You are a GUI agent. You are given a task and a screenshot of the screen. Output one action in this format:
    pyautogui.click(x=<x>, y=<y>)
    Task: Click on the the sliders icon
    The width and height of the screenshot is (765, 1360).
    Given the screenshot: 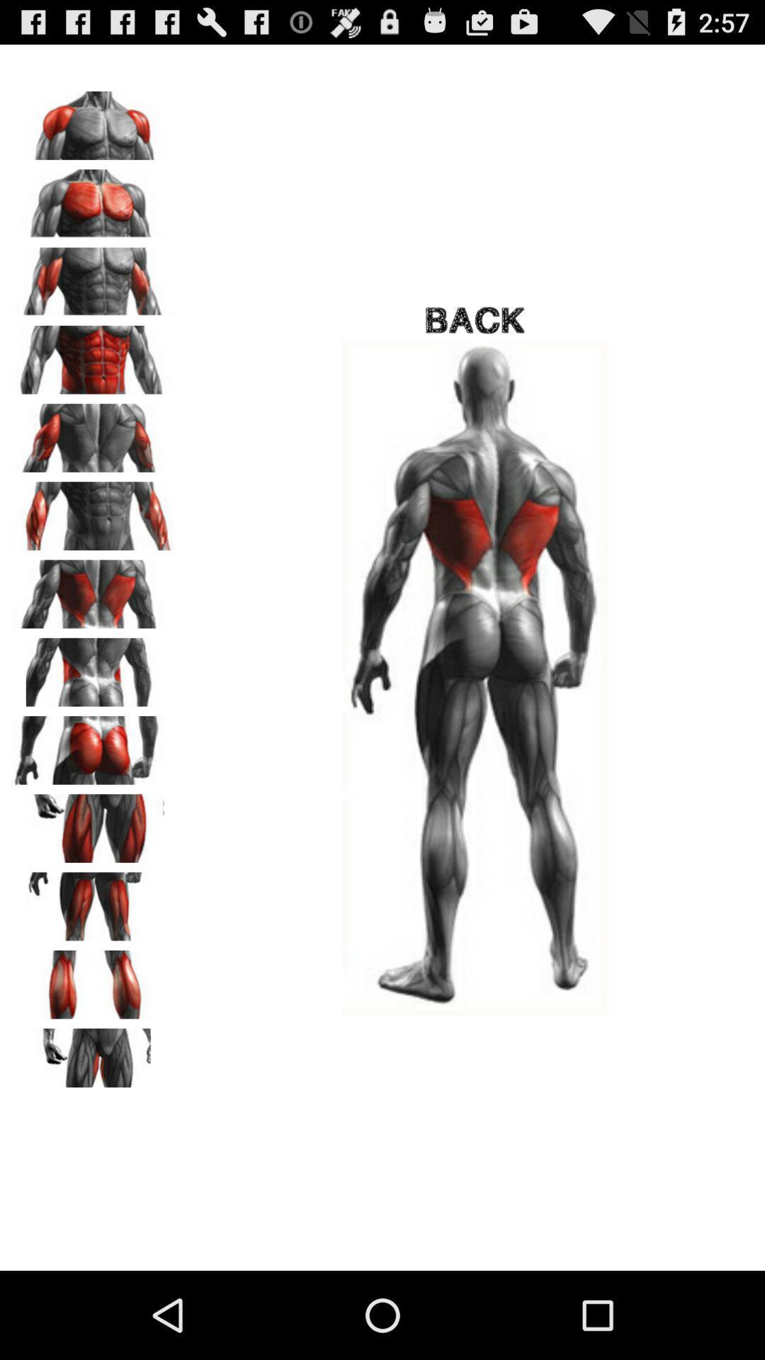 What is the action you would take?
    pyautogui.click(x=93, y=1131)
    